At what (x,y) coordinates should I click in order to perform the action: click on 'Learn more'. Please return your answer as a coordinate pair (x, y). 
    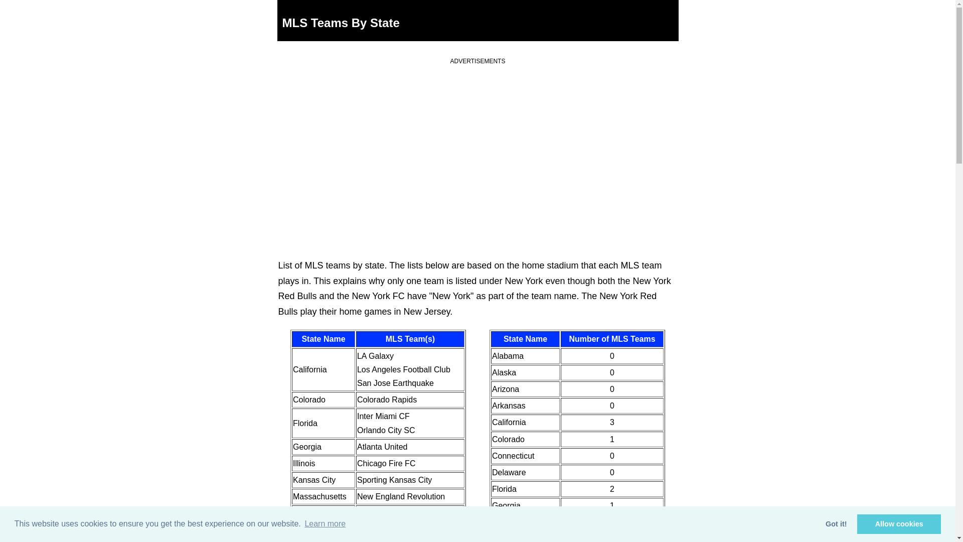
    Looking at the image, I should click on (302, 523).